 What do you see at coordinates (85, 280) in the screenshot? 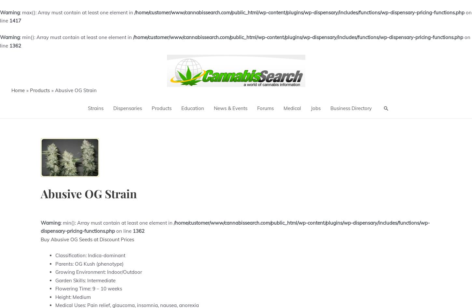
I see `'Garden Skills: Intermediate'` at bounding box center [85, 280].